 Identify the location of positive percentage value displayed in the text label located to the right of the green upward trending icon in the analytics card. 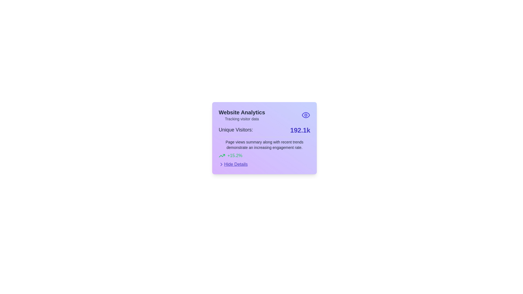
(235, 155).